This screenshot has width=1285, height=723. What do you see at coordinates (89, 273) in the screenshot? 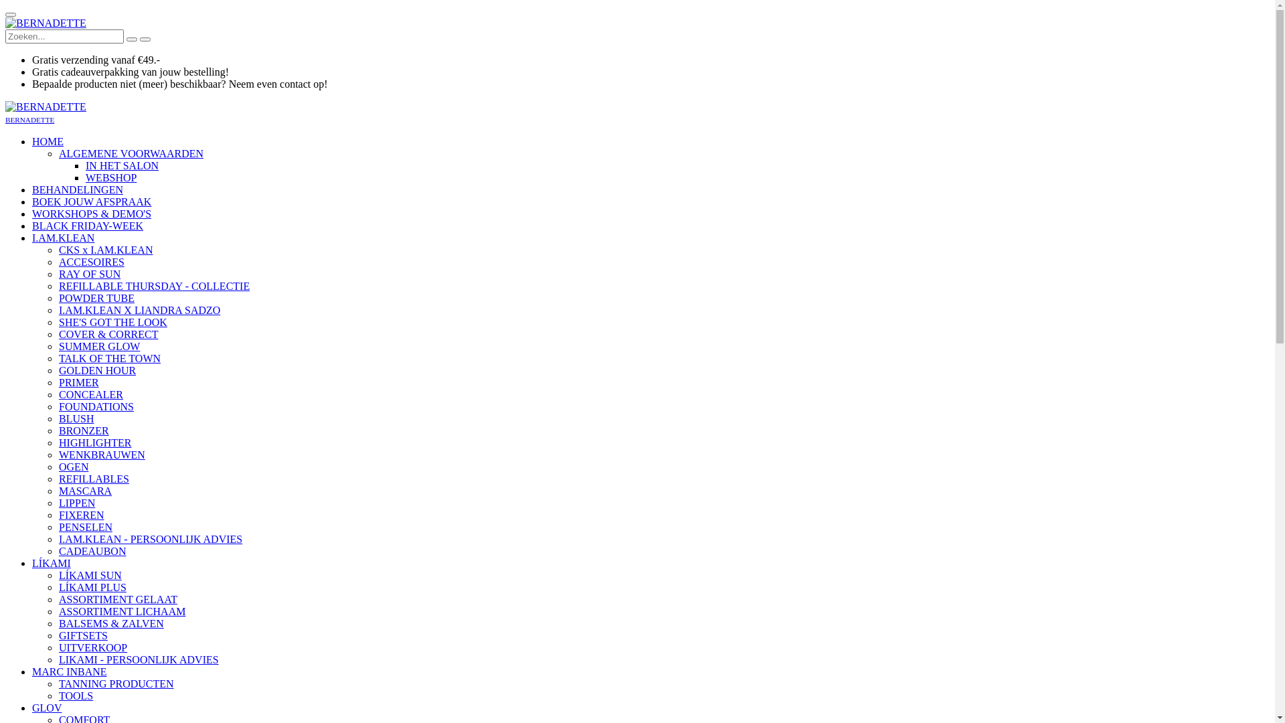
I see `'RAY OF SUN'` at bounding box center [89, 273].